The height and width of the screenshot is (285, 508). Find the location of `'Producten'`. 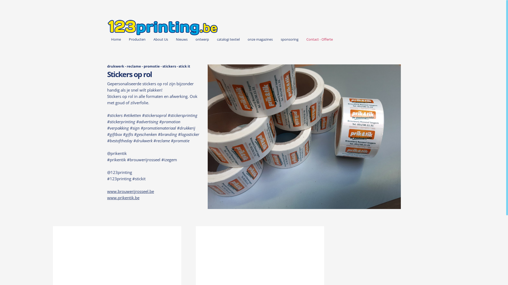

'Producten' is located at coordinates (124, 39).